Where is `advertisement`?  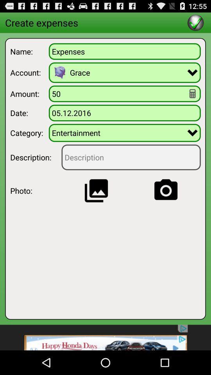 advertisement is located at coordinates (105, 337).